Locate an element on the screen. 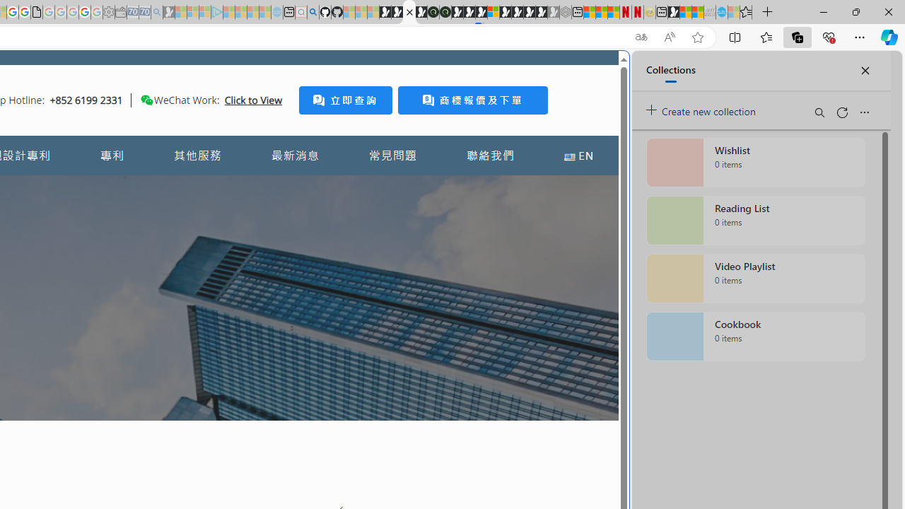 Image resolution: width=905 pixels, height=509 pixels. 'Wallet - Sleeping' is located at coordinates (120, 12).